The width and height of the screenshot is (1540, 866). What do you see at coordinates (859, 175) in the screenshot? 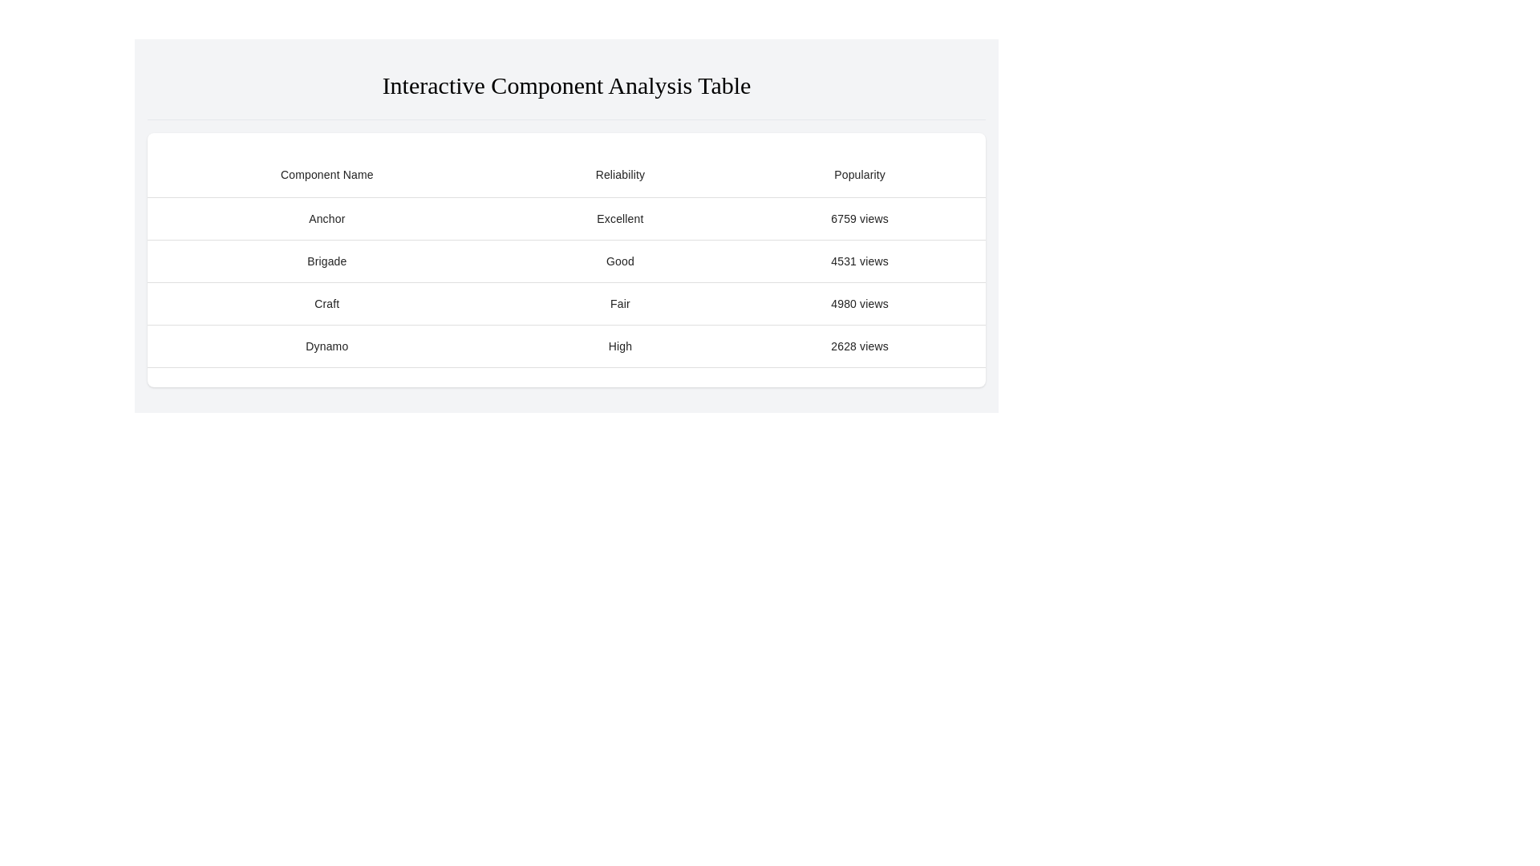
I see `the Table header cell for the 'Popularity' column, which is the third column header located to the right of the 'Reliability' column` at bounding box center [859, 175].